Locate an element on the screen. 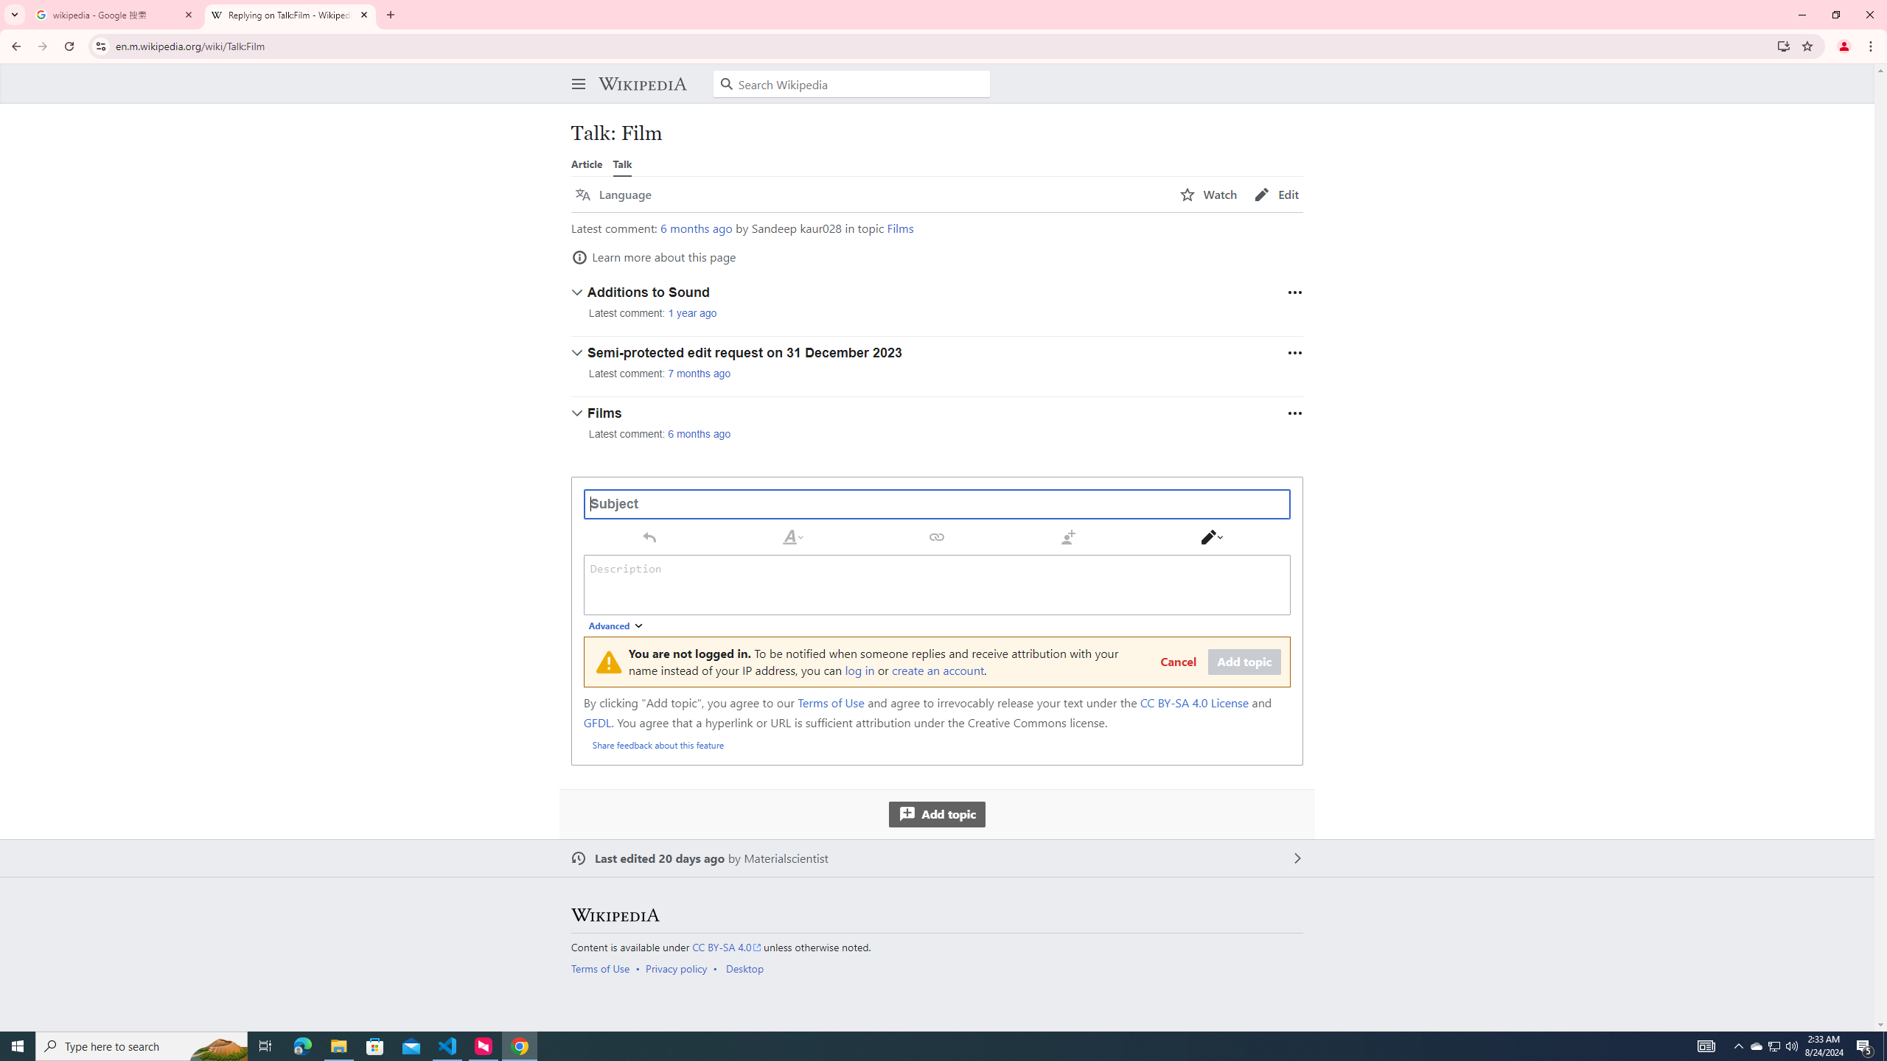 The image size is (1887, 1061). 'AutomationID: footer-places-desktop-toggle' is located at coordinates (746, 967).